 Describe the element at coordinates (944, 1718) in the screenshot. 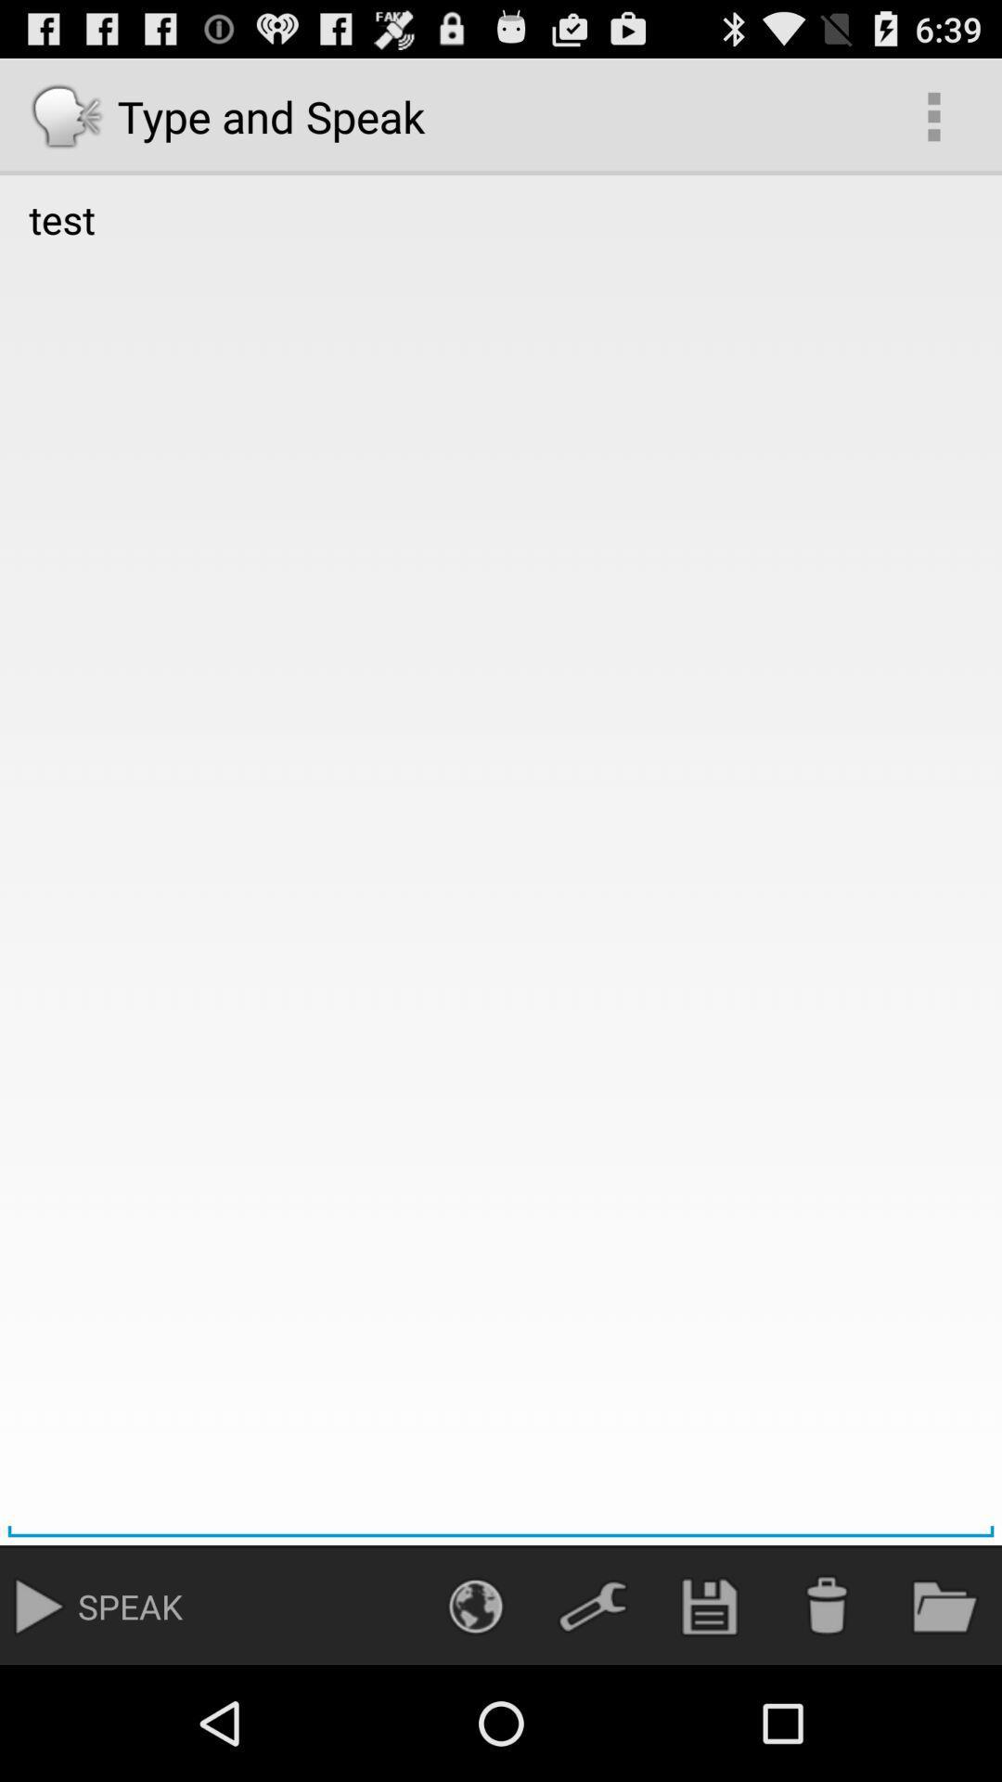

I see `the folder icon` at that location.